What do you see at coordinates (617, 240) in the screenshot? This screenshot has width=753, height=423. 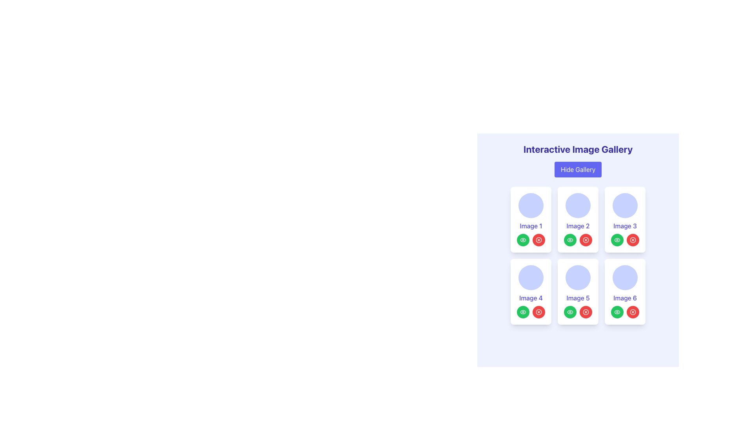 I see `the circular green button with a white eye icon located to the right of the text 'Image 3'` at bounding box center [617, 240].